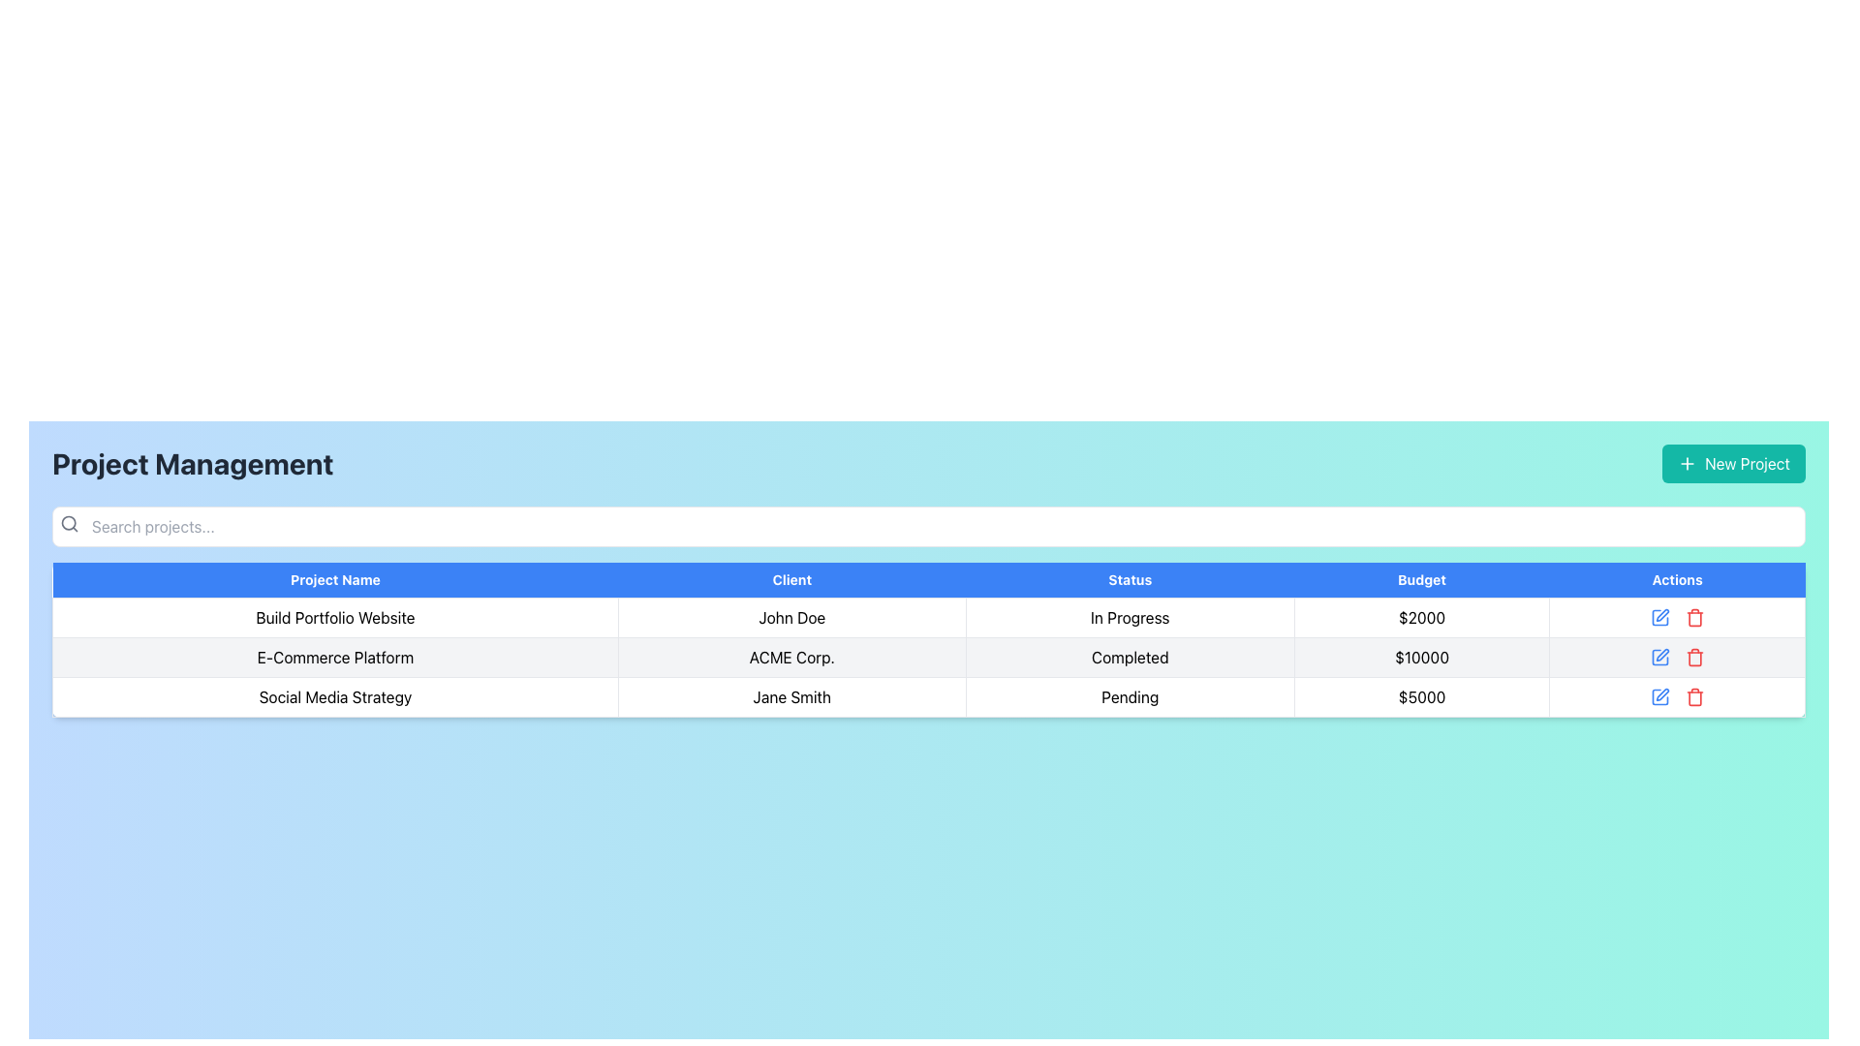 The height and width of the screenshot is (1046, 1860). What do you see at coordinates (335, 617) in the screenshot?
I see `the Text Label displaying 'Build Portfolio Website'` at bounding box center [335, 617].